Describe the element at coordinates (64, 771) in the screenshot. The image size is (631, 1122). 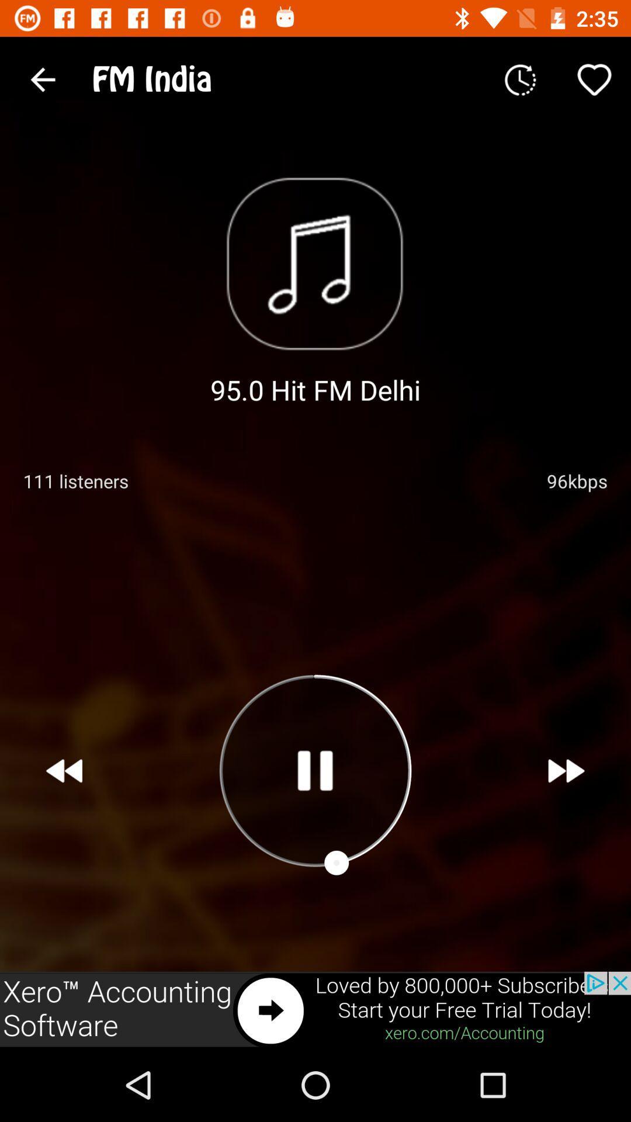
I see `previous` at that location.